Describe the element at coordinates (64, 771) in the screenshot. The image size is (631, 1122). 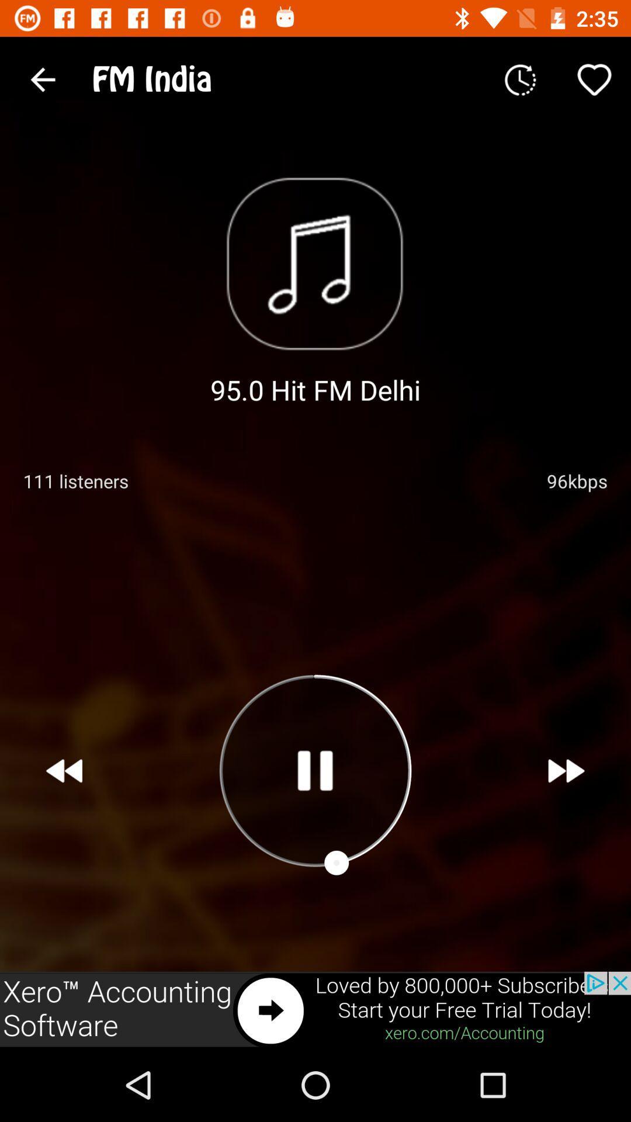
I see `previous` at that location.